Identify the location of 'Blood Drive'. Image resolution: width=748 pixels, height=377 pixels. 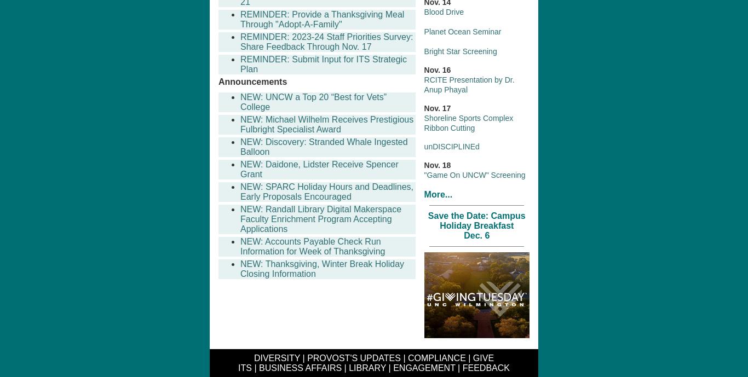
(443, 11).